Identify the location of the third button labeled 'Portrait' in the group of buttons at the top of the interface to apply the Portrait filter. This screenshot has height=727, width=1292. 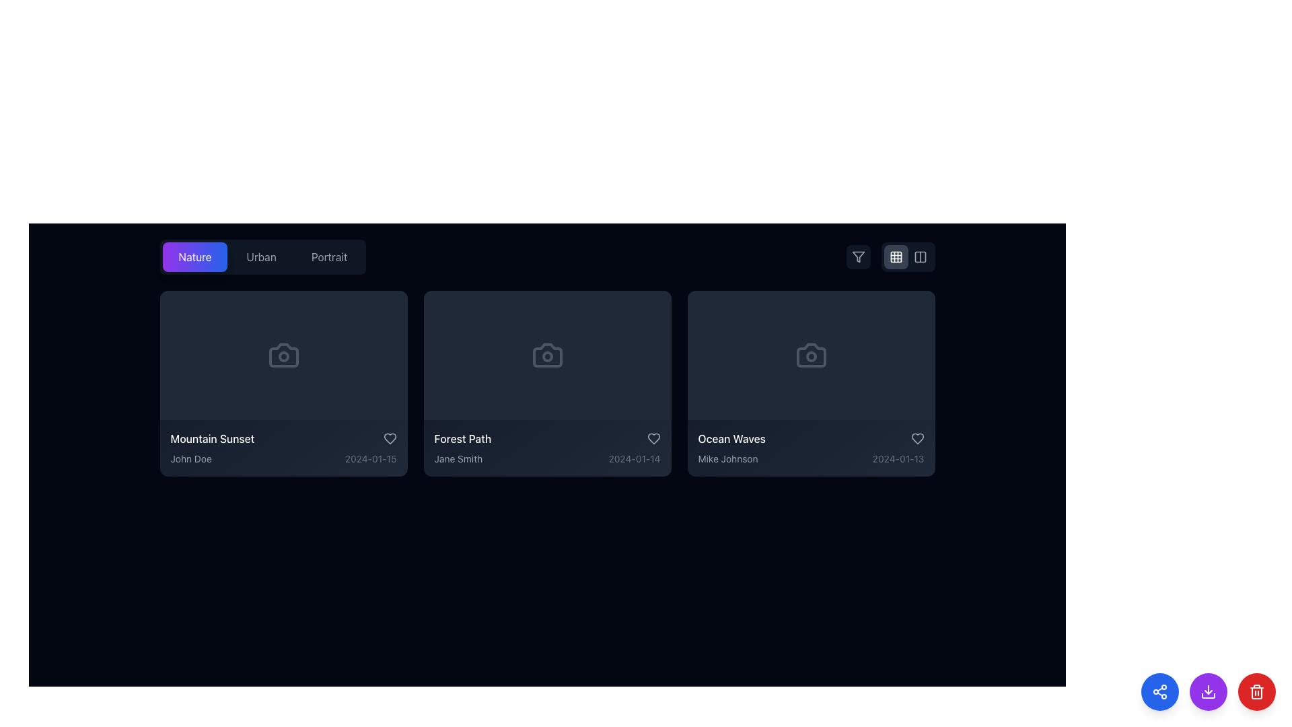
(329, 256).